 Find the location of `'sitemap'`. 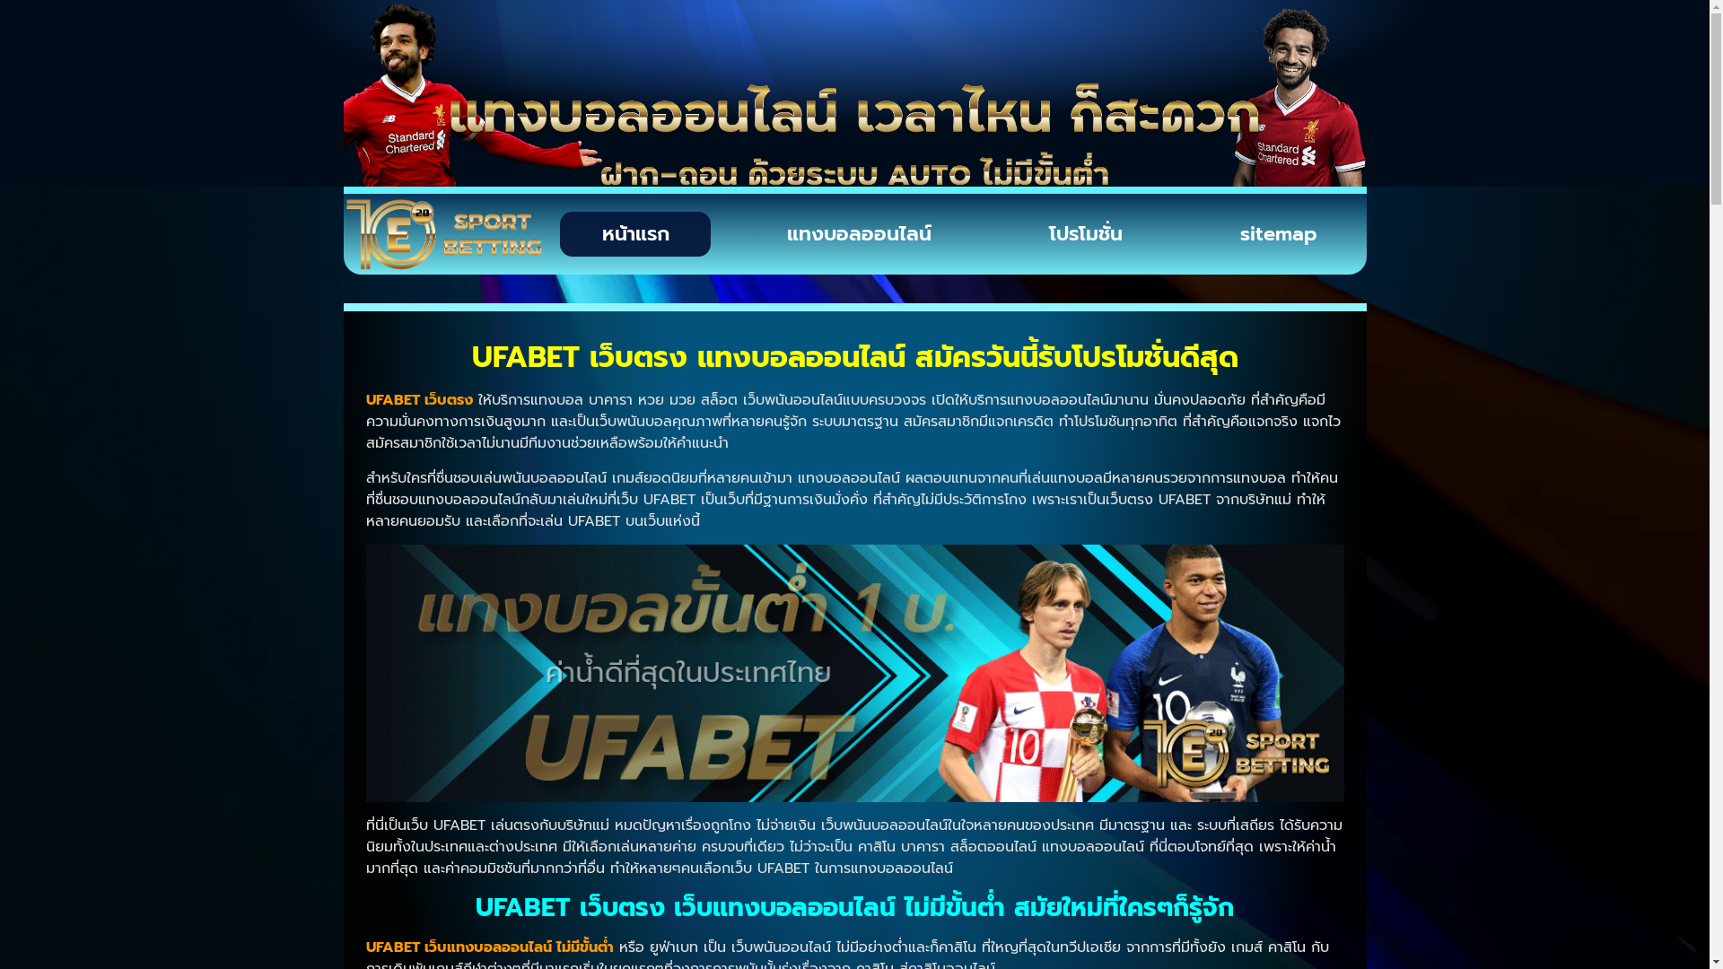

'sitemap' is located at coordinates (1278, 233).